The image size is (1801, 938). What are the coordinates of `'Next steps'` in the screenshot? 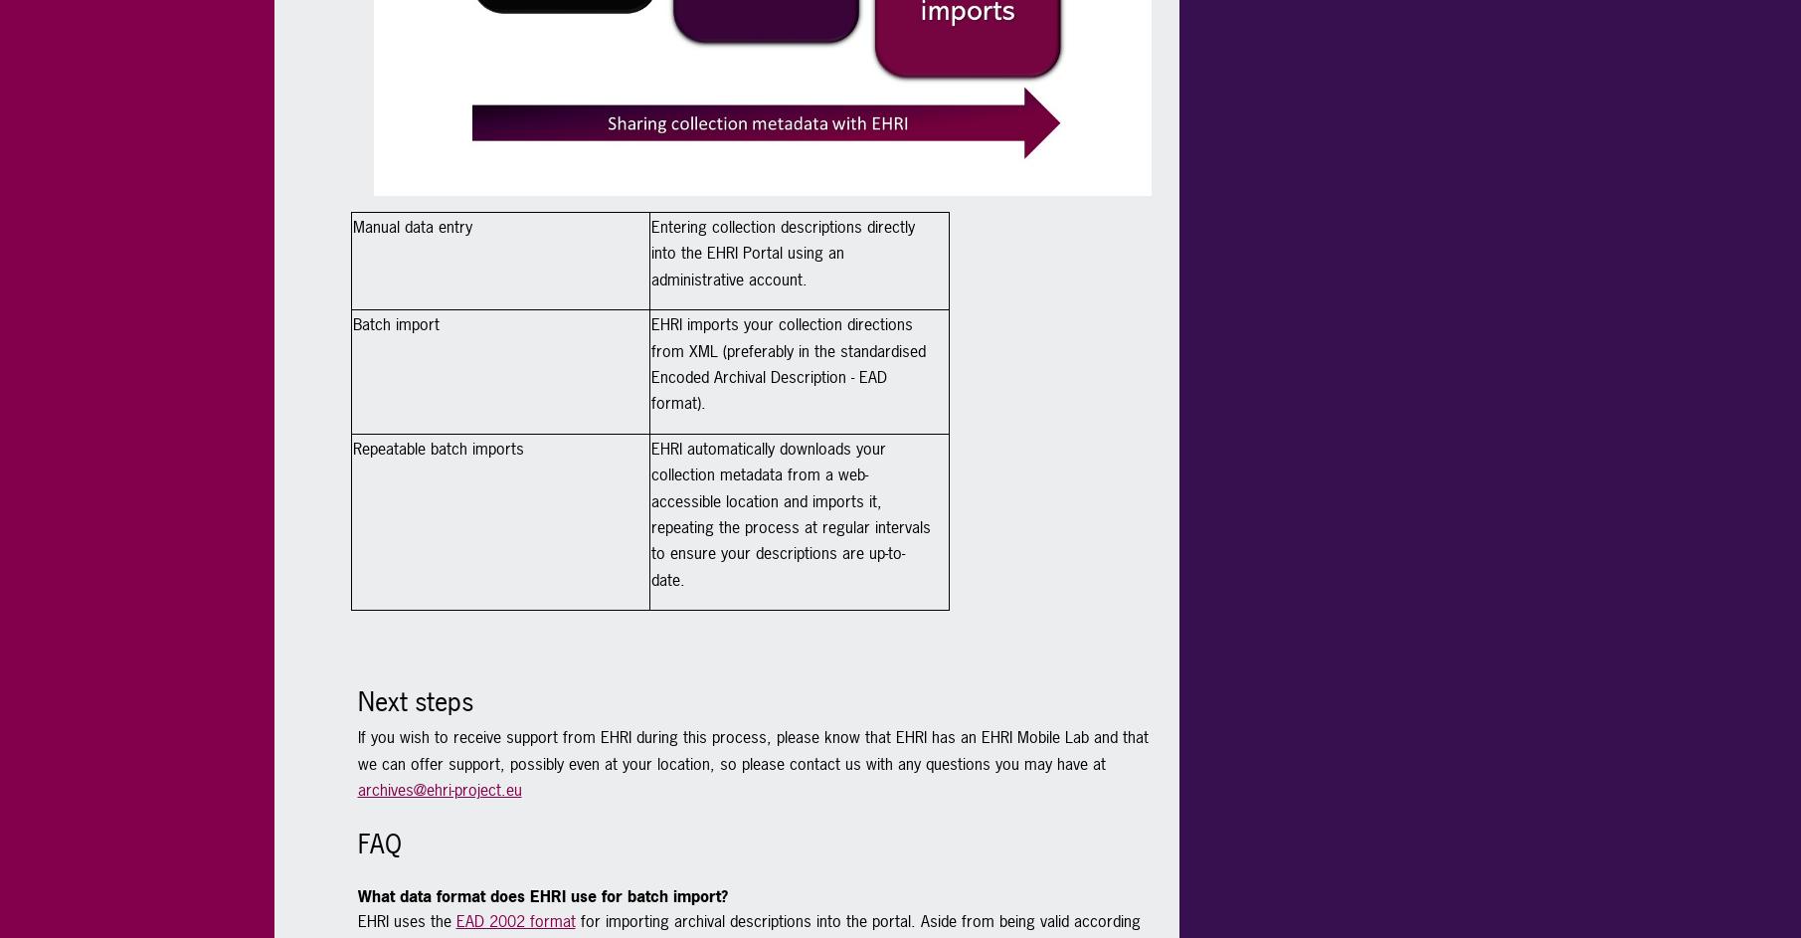 It's located at (355, 700).